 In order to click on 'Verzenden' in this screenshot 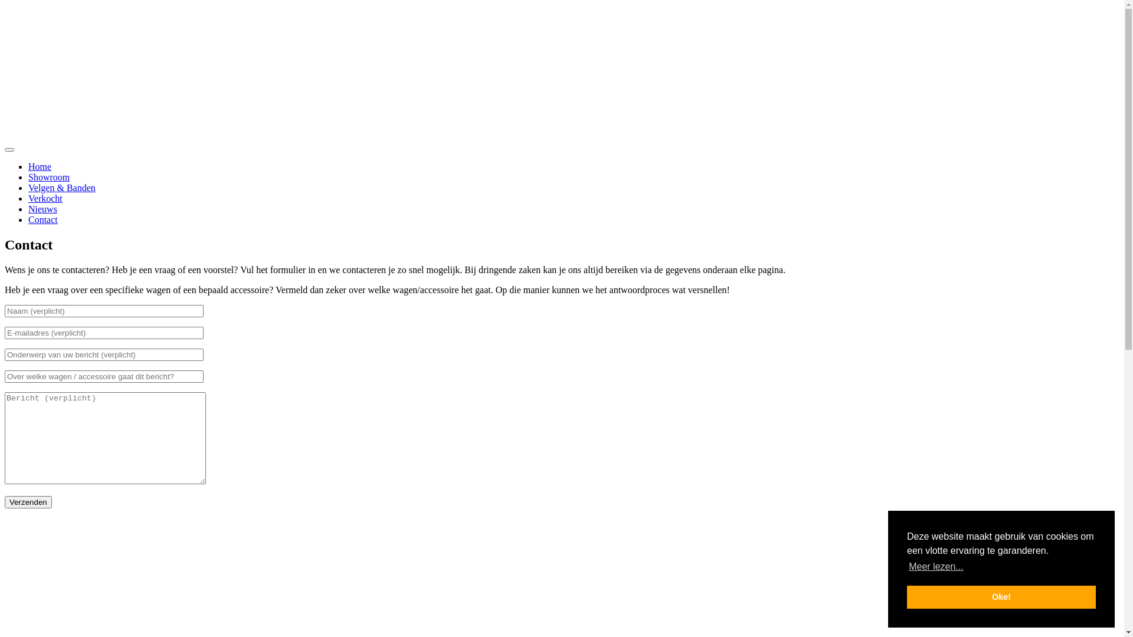, I will do `click(28, 502)`.